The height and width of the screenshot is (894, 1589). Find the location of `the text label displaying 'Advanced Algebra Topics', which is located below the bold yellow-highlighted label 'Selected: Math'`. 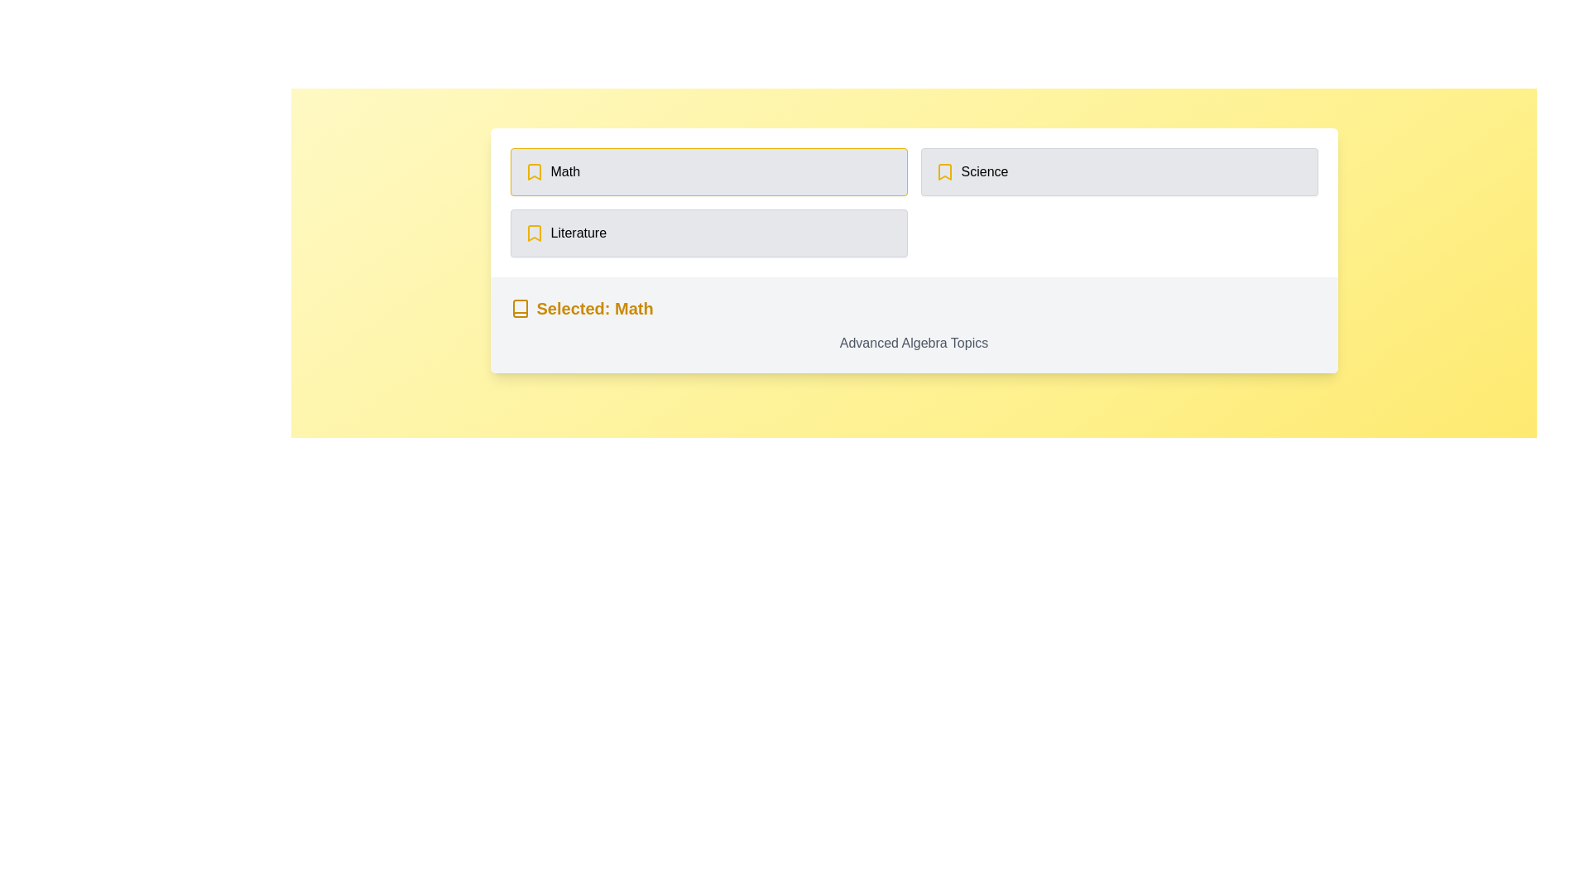

the text label displaying 'Advanced Algebra Topics', which is located below the bold yellow-highlighted label 'Selected: Math' is located at coordinates (913, 343).